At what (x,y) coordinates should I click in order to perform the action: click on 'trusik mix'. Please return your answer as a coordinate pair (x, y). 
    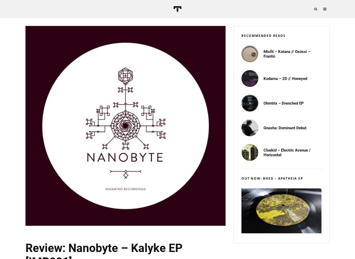
    Looking at the image, I should click on (28, 142).